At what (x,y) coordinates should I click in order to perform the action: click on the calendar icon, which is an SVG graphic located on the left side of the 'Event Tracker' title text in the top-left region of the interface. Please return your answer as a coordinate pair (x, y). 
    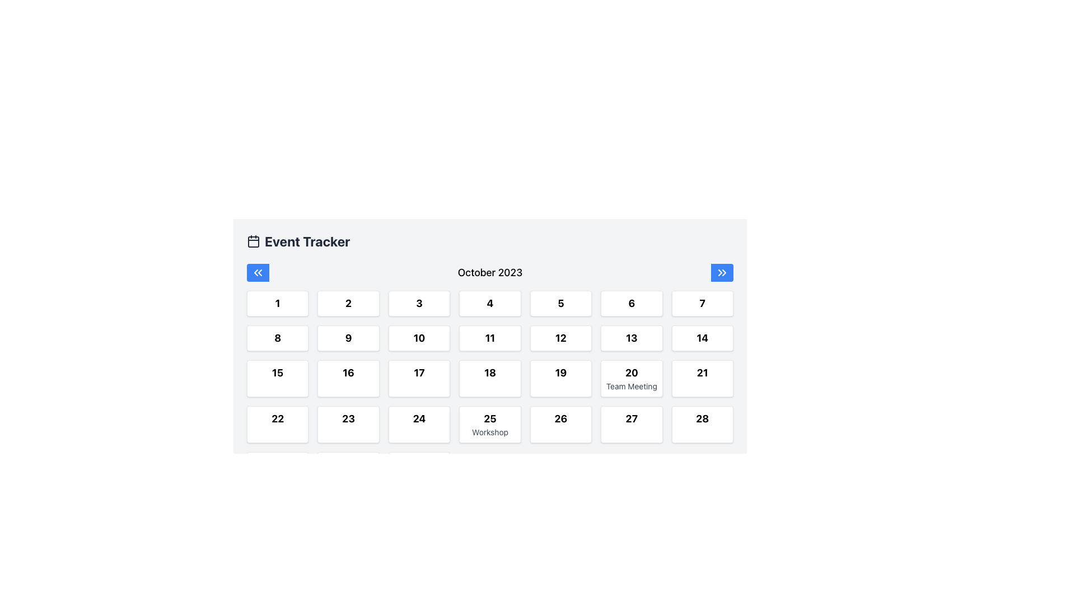
    Looking at the image, I should click on (253, 241).